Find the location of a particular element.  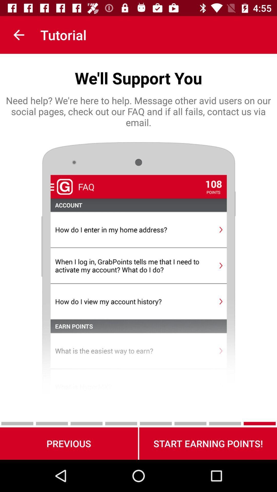

the start earning points! item is located at coordinates (208, 443).